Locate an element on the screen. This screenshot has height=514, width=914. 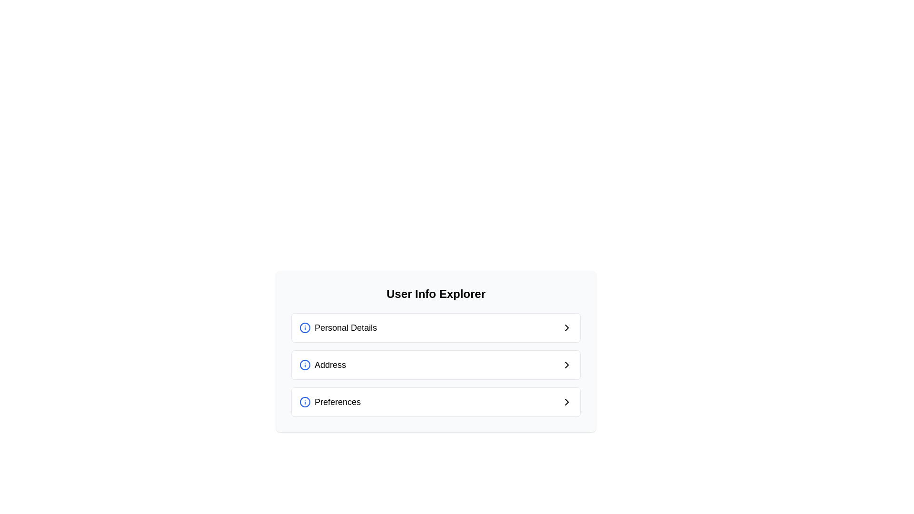
the interactive button between 'Personal Details' and 'Preferences' is located at coordinates (436, 365).